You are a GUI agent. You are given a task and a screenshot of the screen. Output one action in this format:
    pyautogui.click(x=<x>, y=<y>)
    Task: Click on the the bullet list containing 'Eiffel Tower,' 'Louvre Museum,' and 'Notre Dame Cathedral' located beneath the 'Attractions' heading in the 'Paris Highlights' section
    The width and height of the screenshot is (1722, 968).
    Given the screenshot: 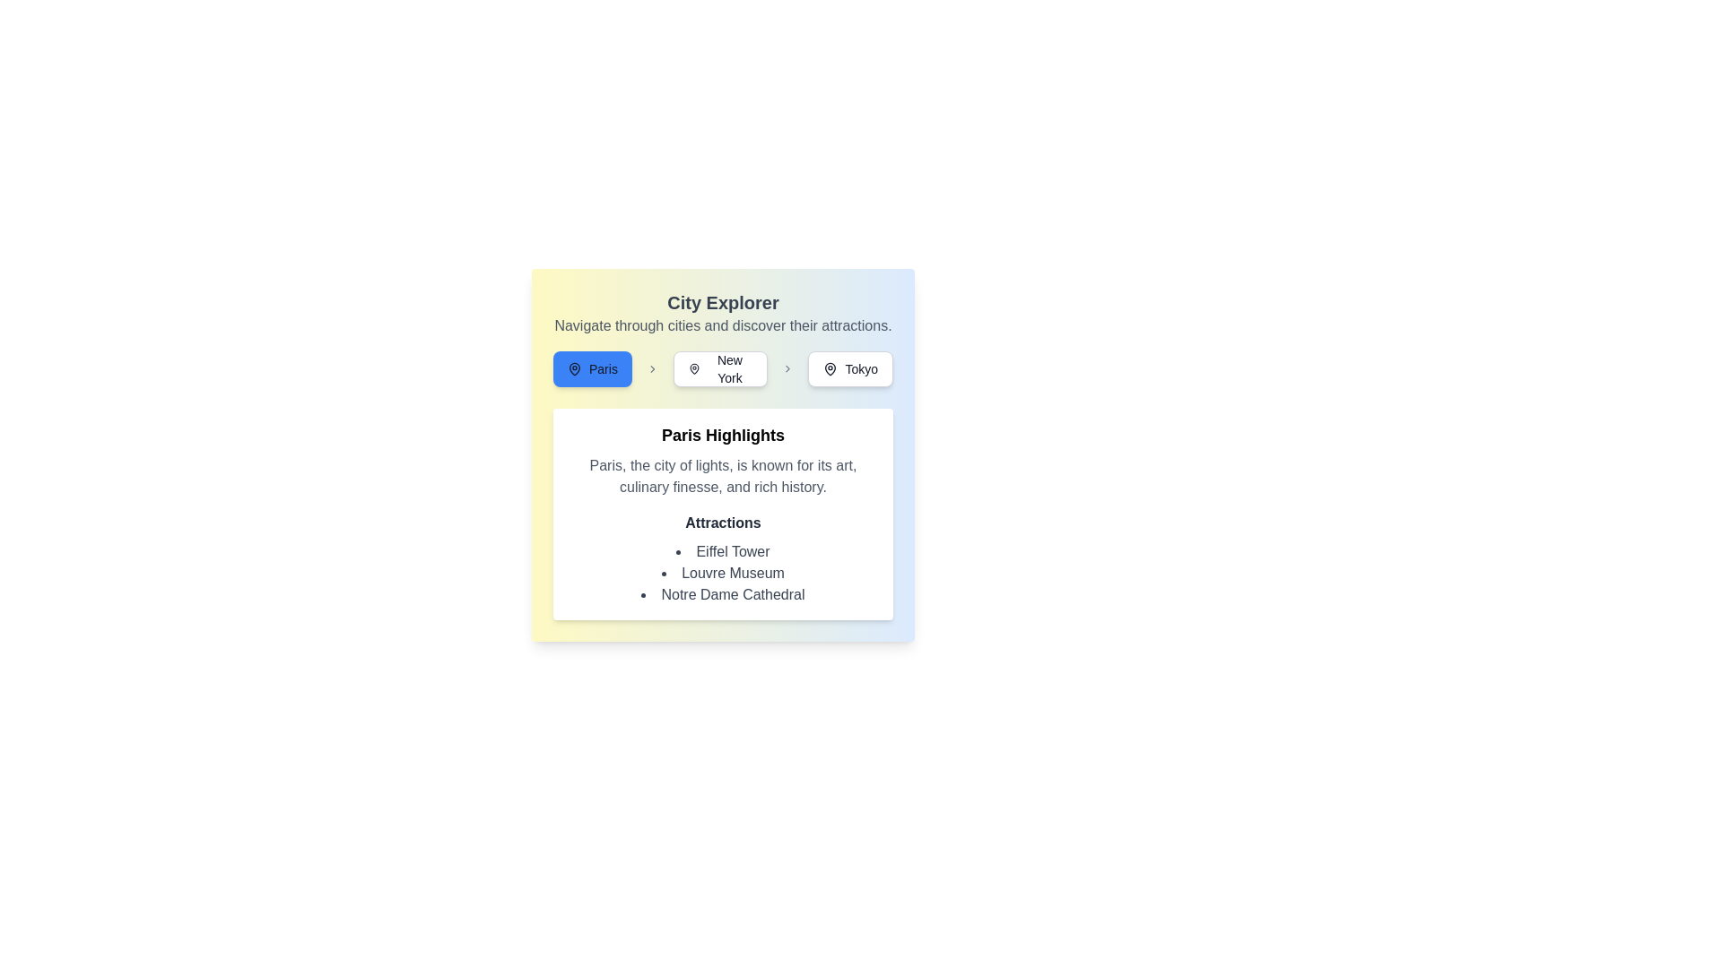 What is the action you would take?
    pyautogui.click(x=723, y=574)
    